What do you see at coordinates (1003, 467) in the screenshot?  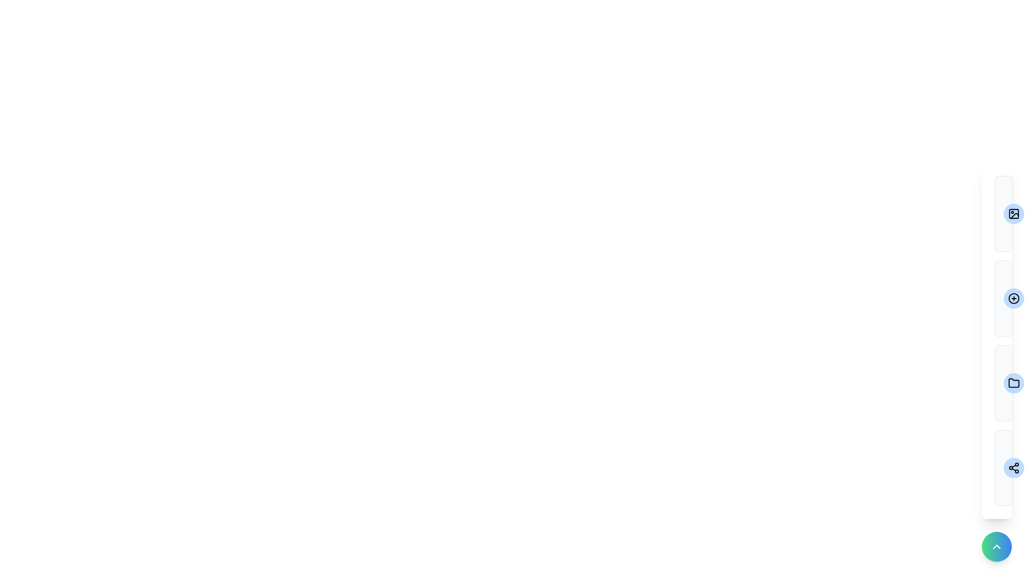 I see `the menu item labeled Share Album to preview its description` at bounding box center [1003, 467].